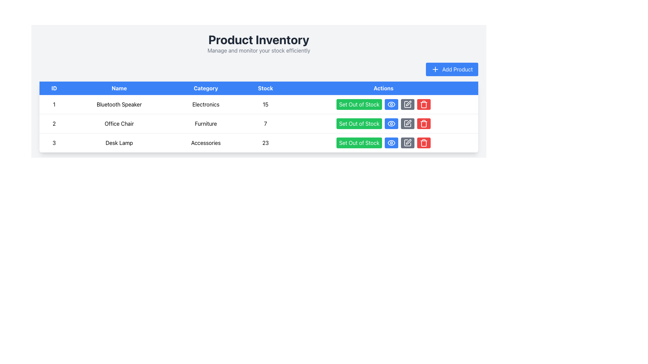 The width and height of the screenshot is (648, 364). Describe the element at coordinates (359, 104) in the screenshot. I see `the 'Set Out of Stock' button, which is the first button in the 'Actions' column of the table, to mark the product as out of stock` at that location.